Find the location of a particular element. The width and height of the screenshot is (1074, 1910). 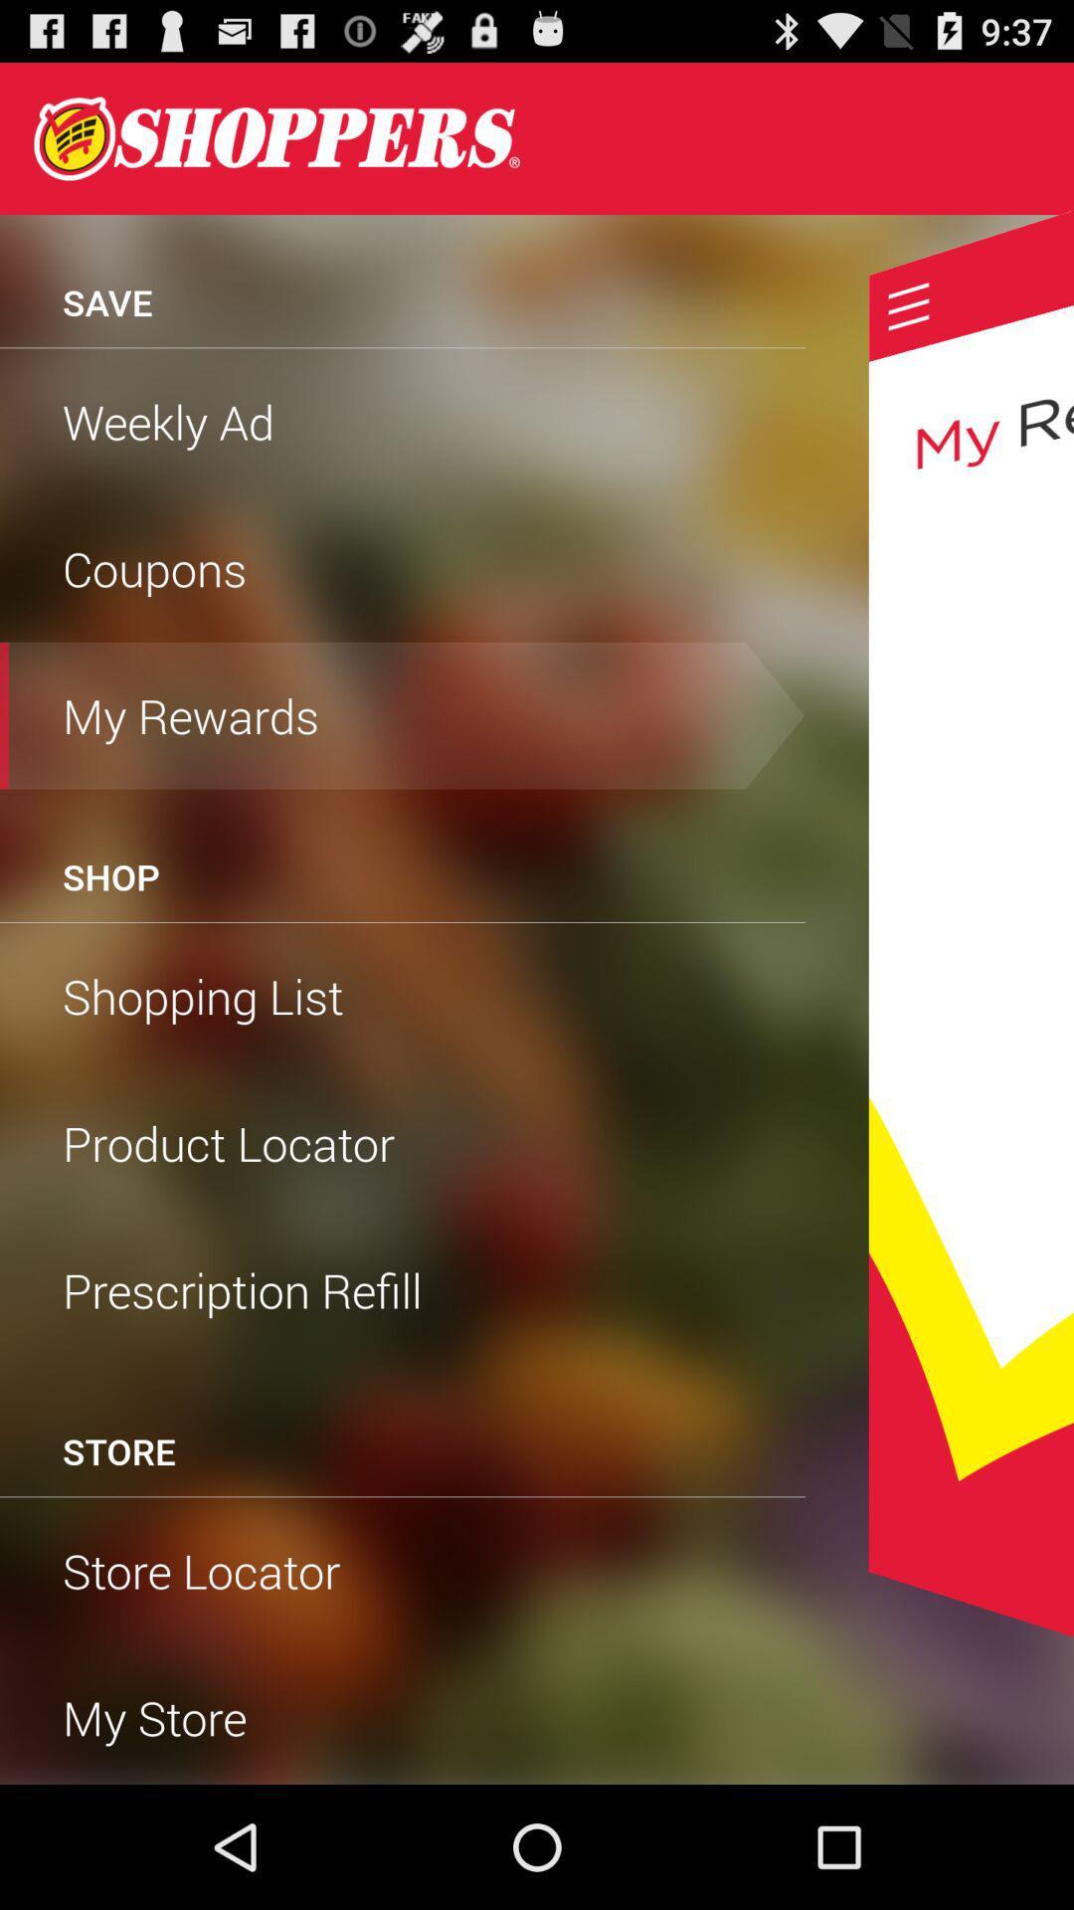

see my rewards is located at coordinates (970, 922).